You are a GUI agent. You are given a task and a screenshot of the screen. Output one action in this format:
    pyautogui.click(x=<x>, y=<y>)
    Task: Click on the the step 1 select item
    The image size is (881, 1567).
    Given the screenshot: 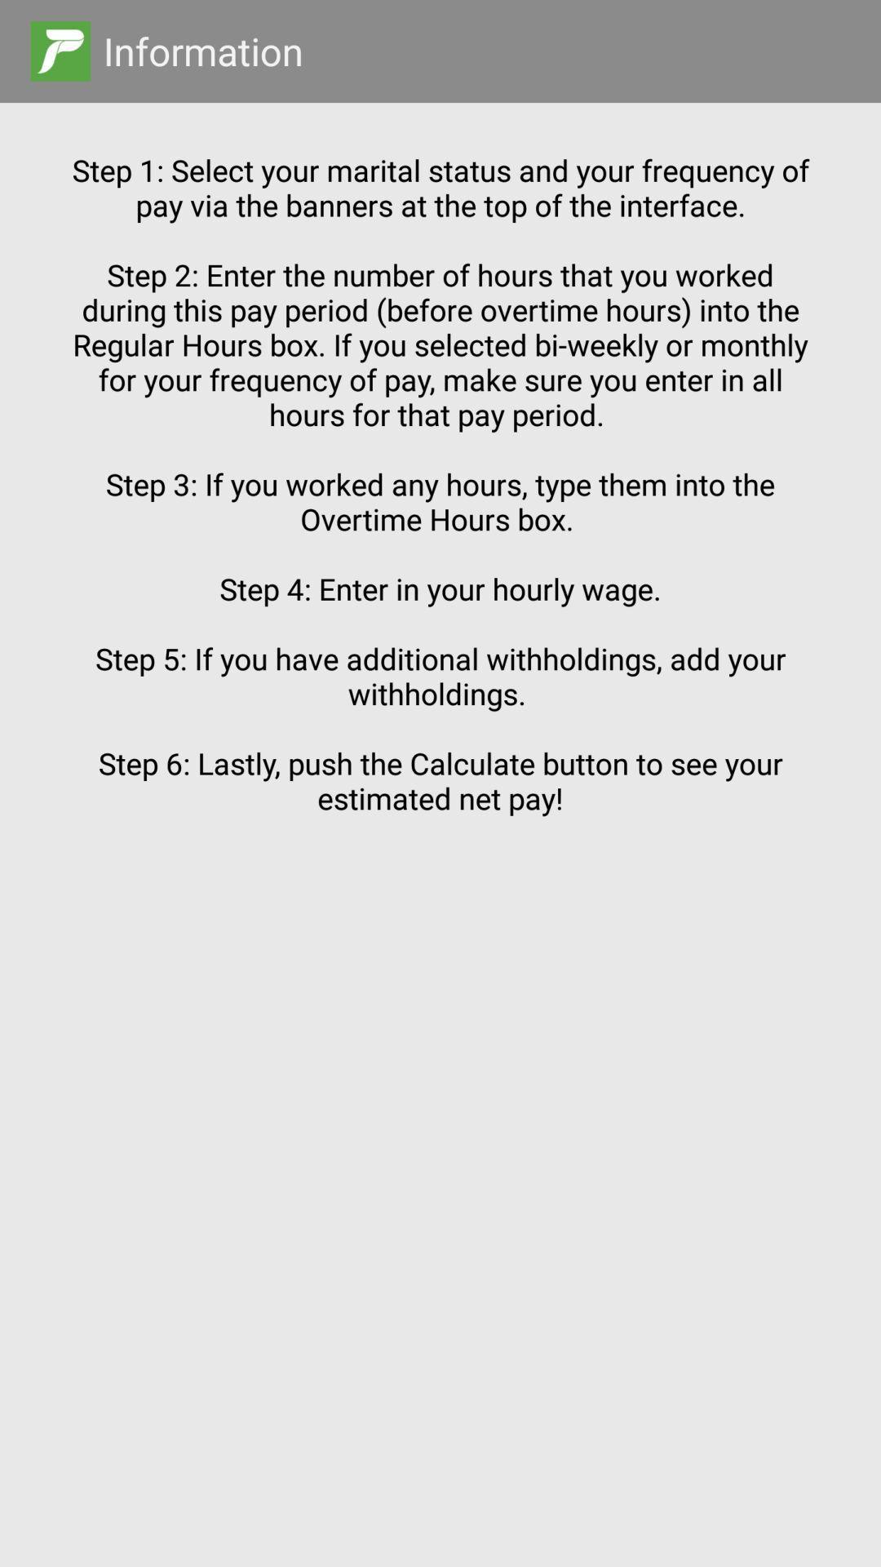 What is the action you would take?
    pyautogui.click(x=440, y=805)
    